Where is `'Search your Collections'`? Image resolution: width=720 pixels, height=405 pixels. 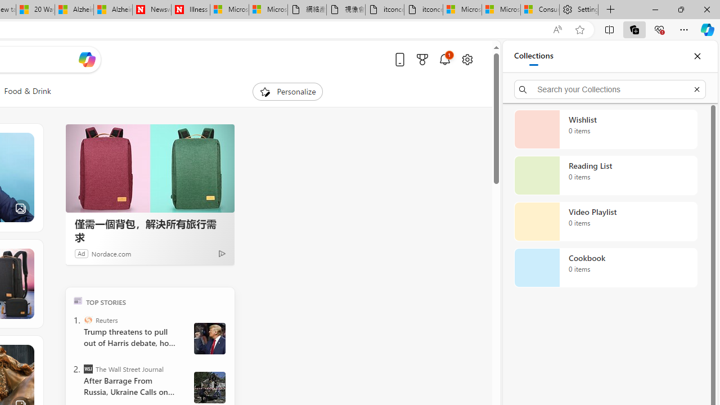 'Search your Collections' is located at coordinates (609, 89).